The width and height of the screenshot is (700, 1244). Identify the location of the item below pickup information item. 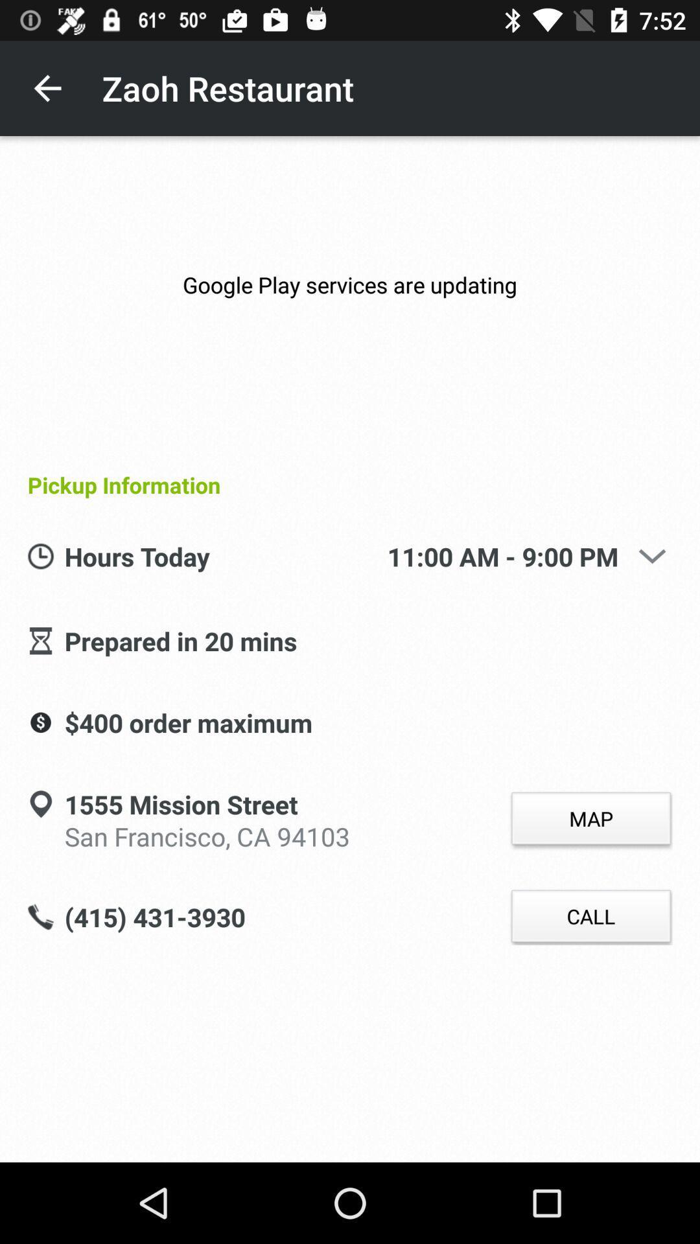
(652, 556).